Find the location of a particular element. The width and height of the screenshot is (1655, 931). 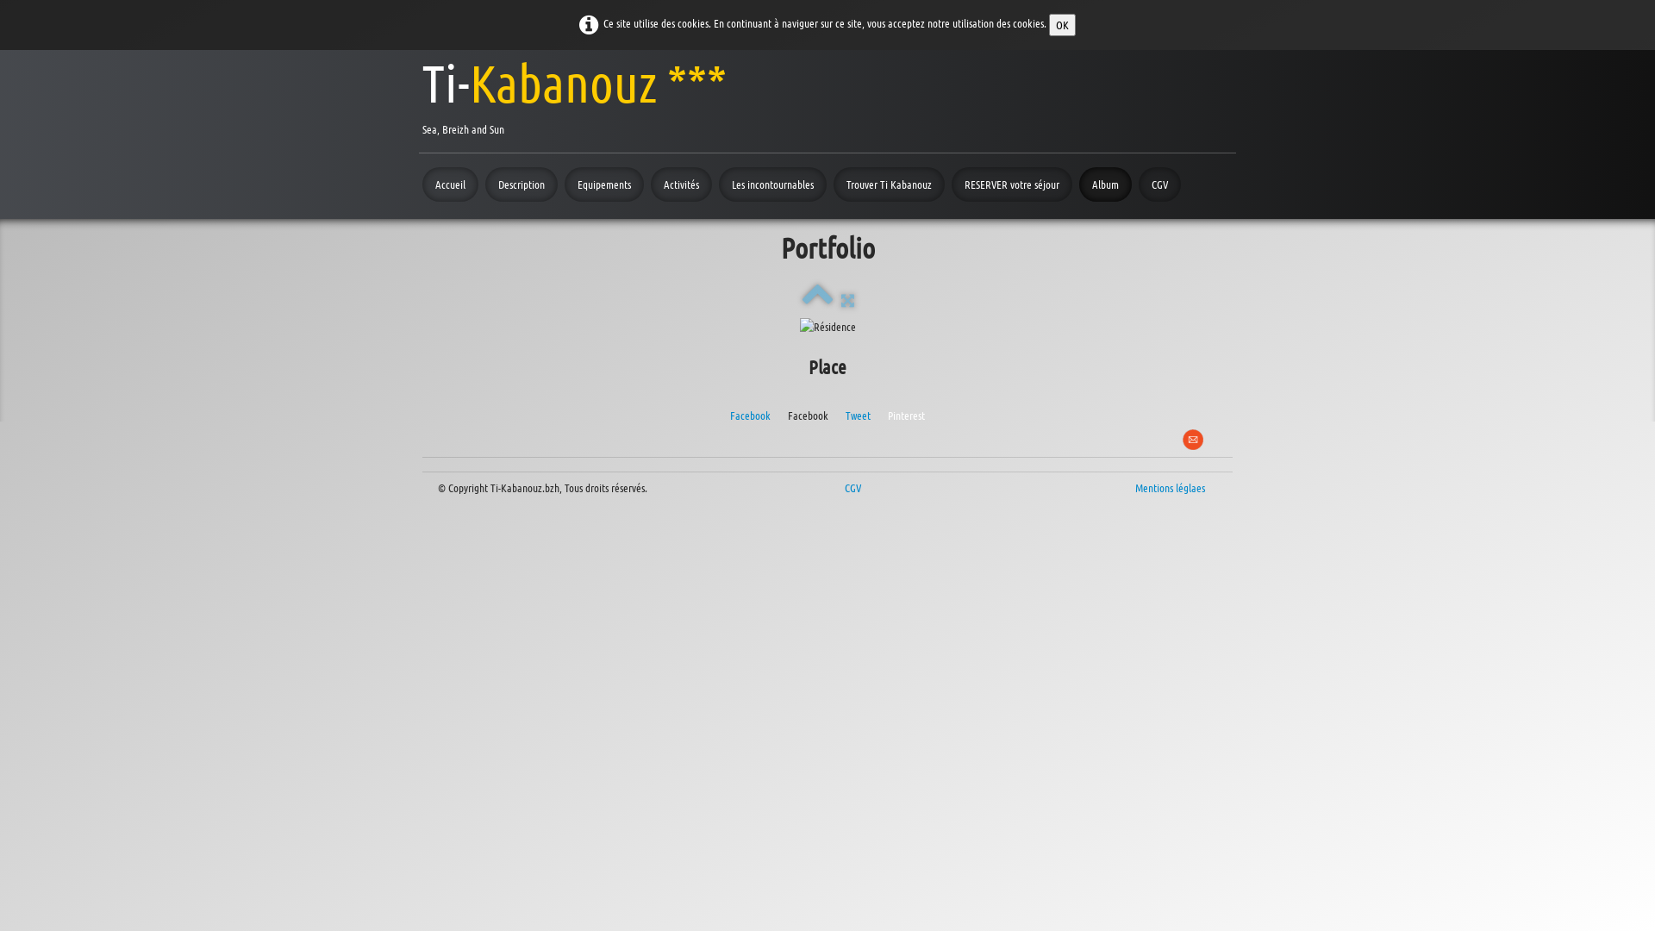

'Tweet' is located at coordinates (858, 415).